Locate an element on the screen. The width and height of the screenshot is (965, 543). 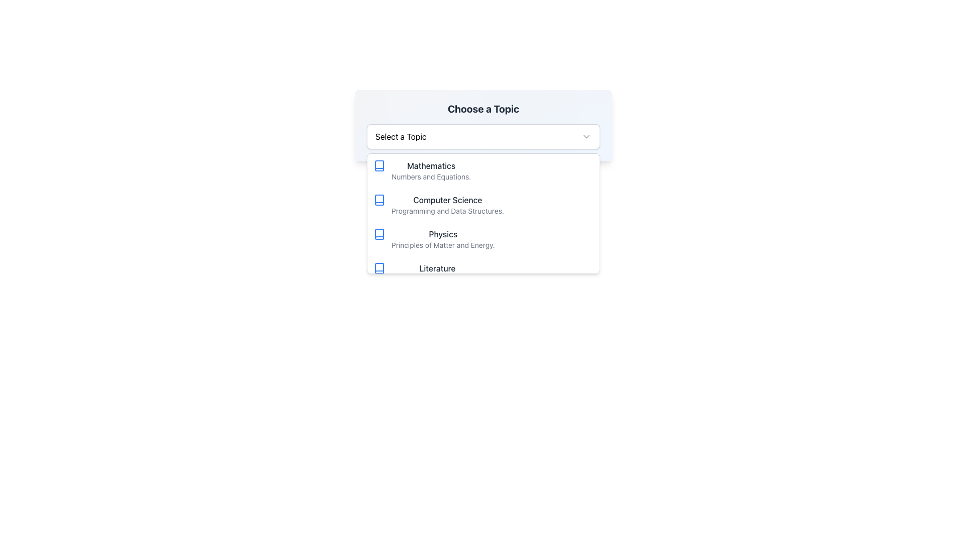
the static text label providing additional information about the 'Physics' section in the dropdown menu, which is aligned to the left margin and located directly below the 'Physics' label is located at coordinates (442, 245).